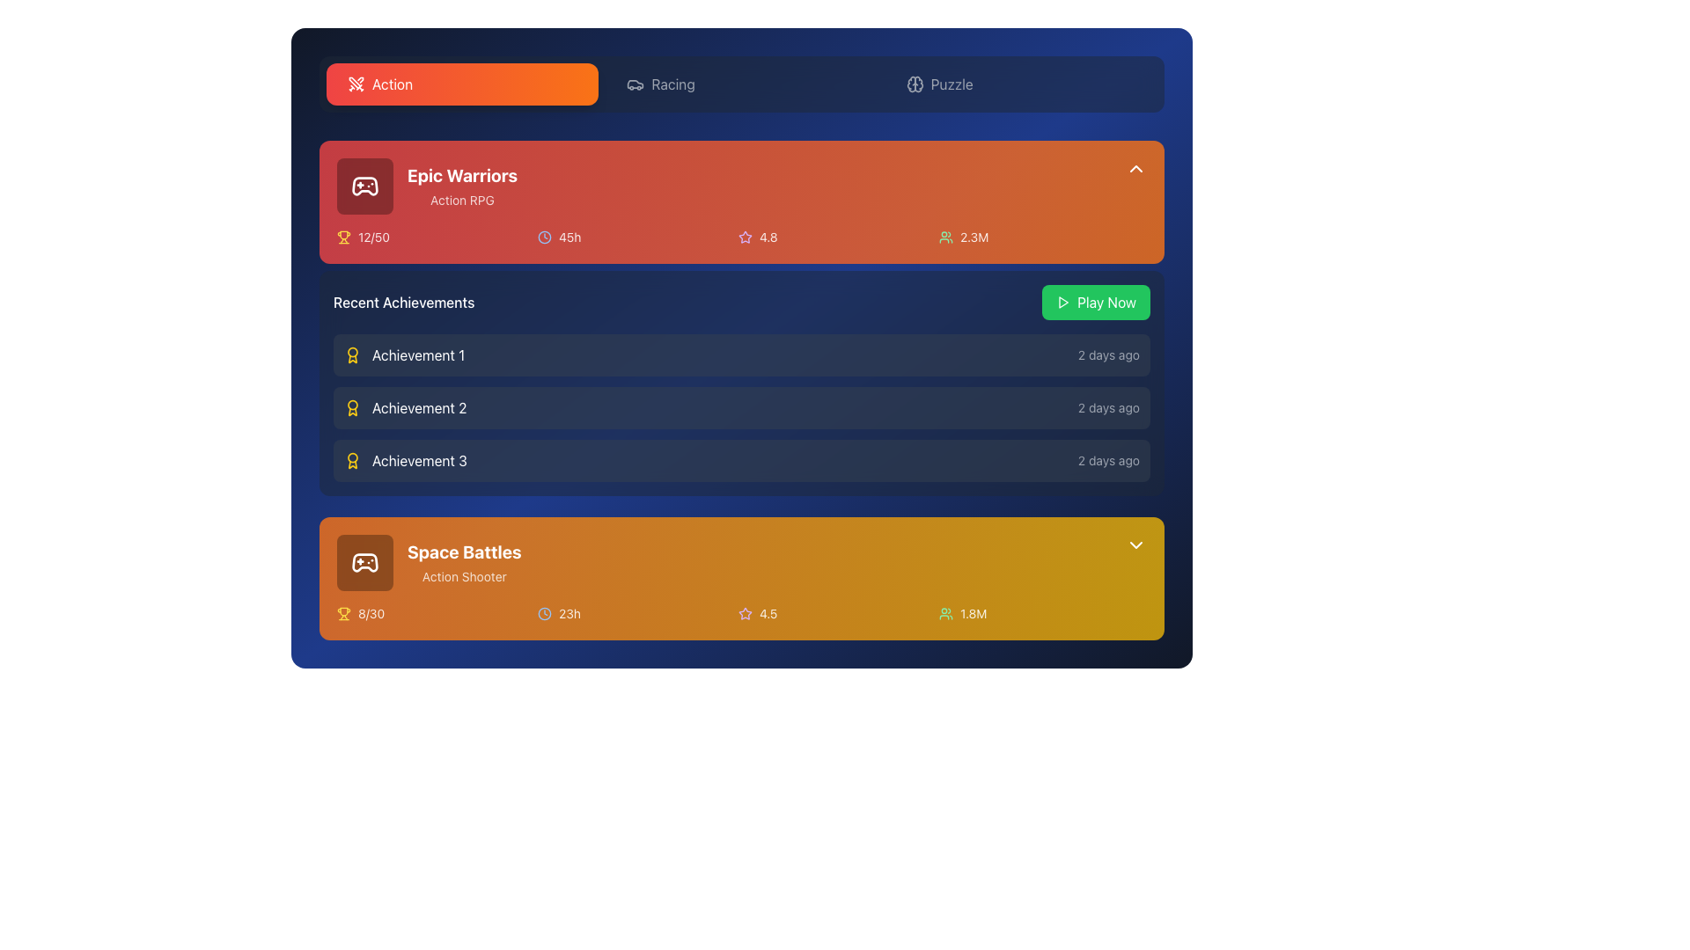  I want to click on the Decorative icon, which is a circular icon resembling a brain or cloud, located near the top-middle of the interface, right of the orange 'Action' label, so click(911, 84).